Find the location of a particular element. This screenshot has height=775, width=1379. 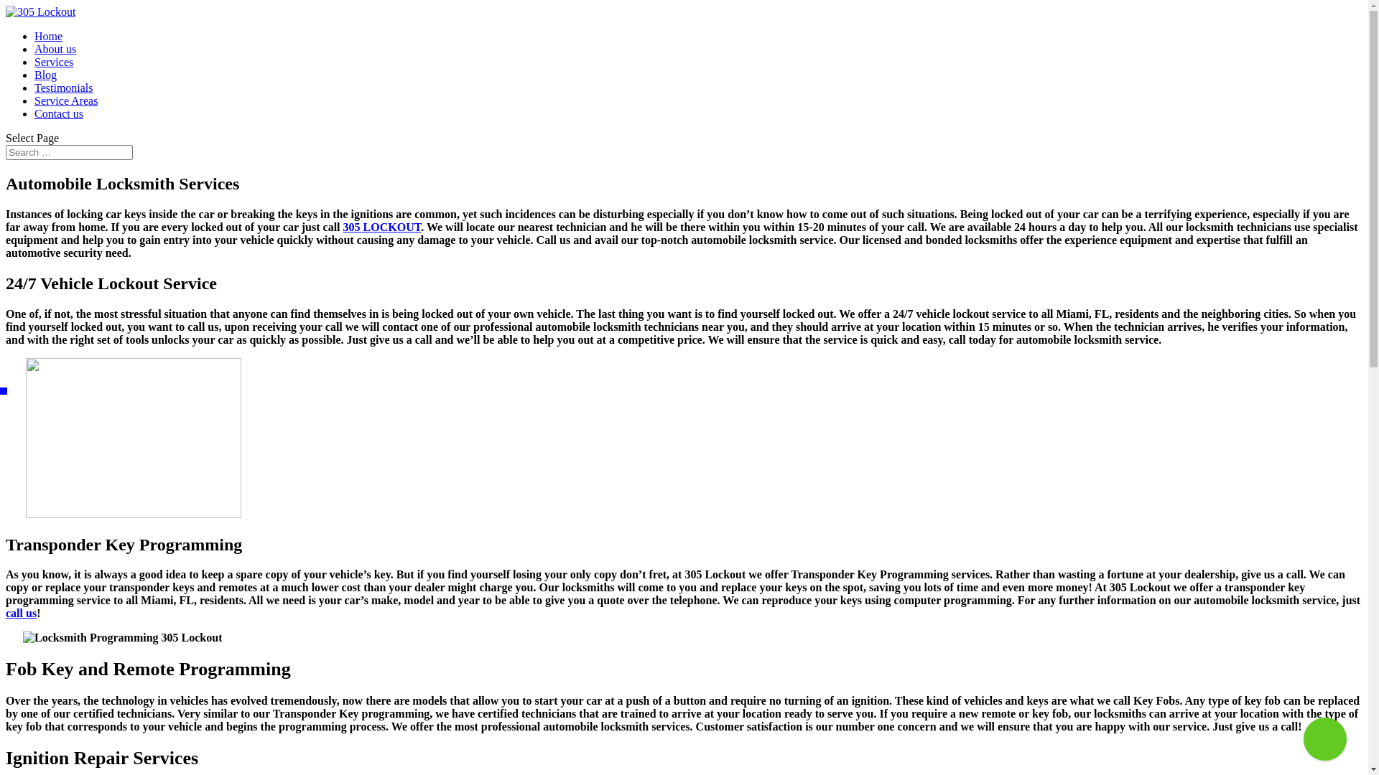

'Blog' is located at coordinates (45, 75).